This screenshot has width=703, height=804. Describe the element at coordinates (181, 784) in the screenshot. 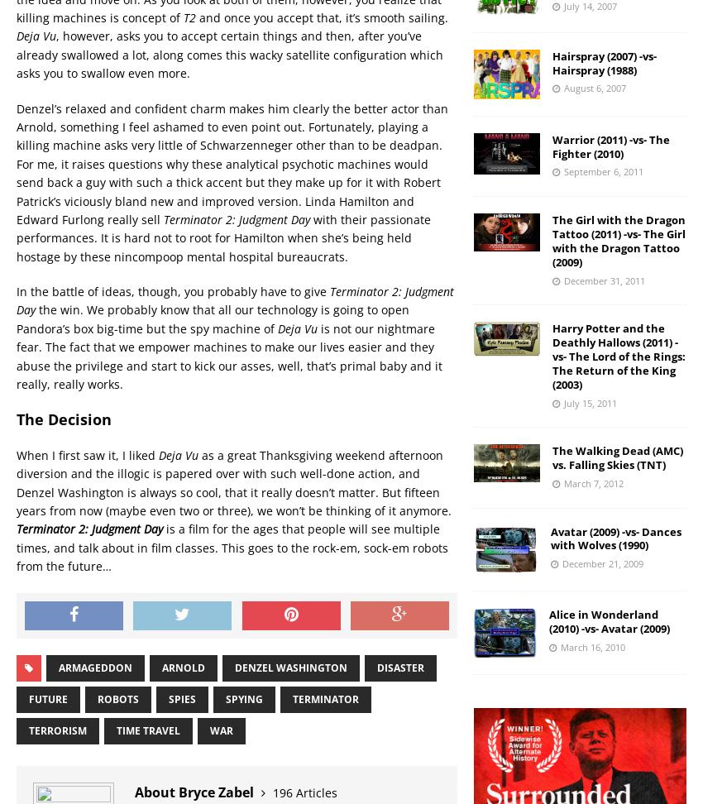

I see `'[ November 8, 2012 ]'` at that location.